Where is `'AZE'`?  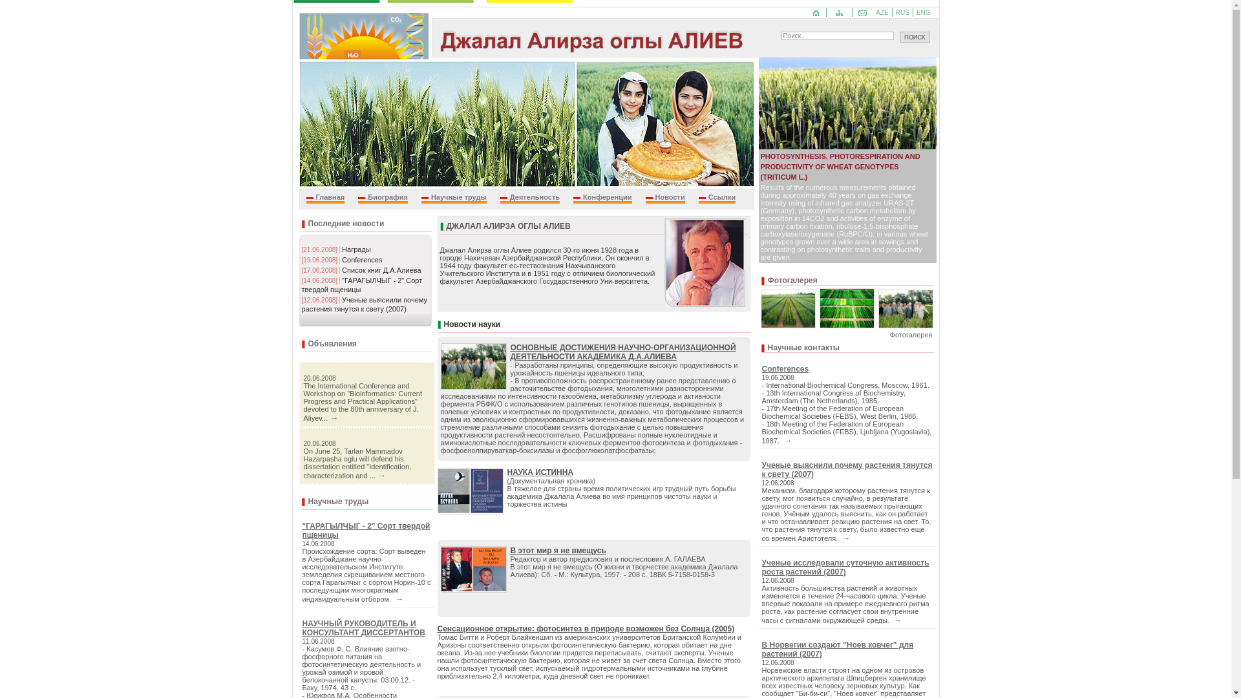 'AZE' is located at coordinates (883, 12).